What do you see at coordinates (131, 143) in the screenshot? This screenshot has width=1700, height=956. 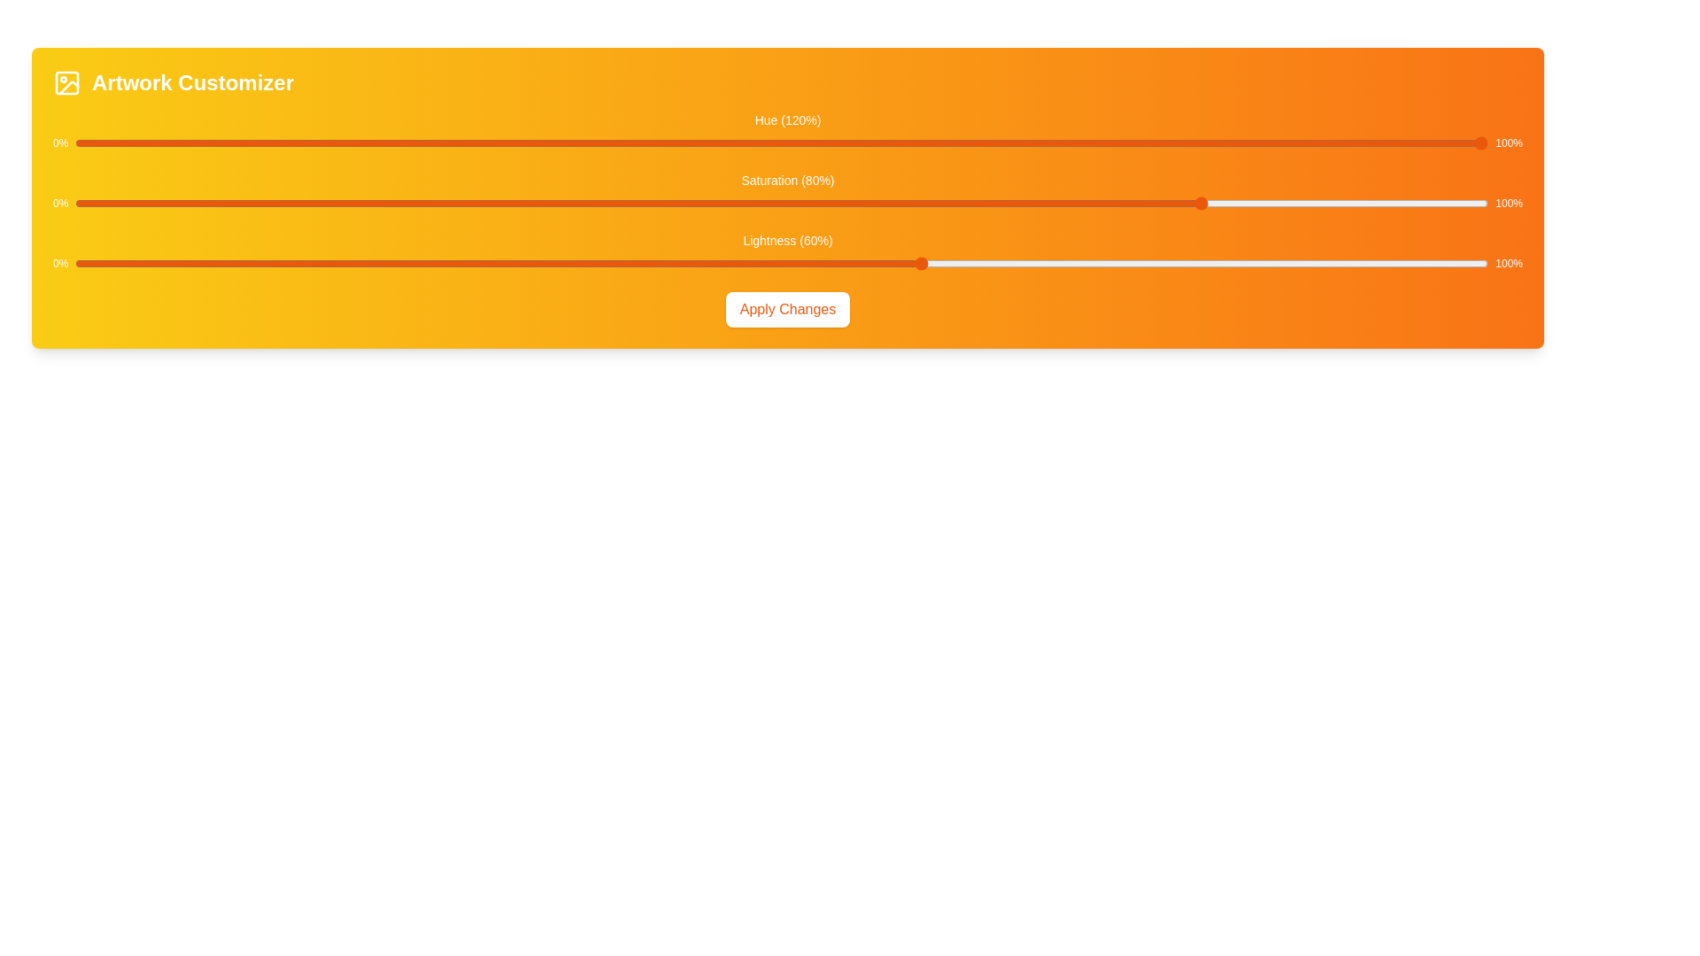 I see `the hue slider to set its value to 4%` at bounding box center [131, 143].